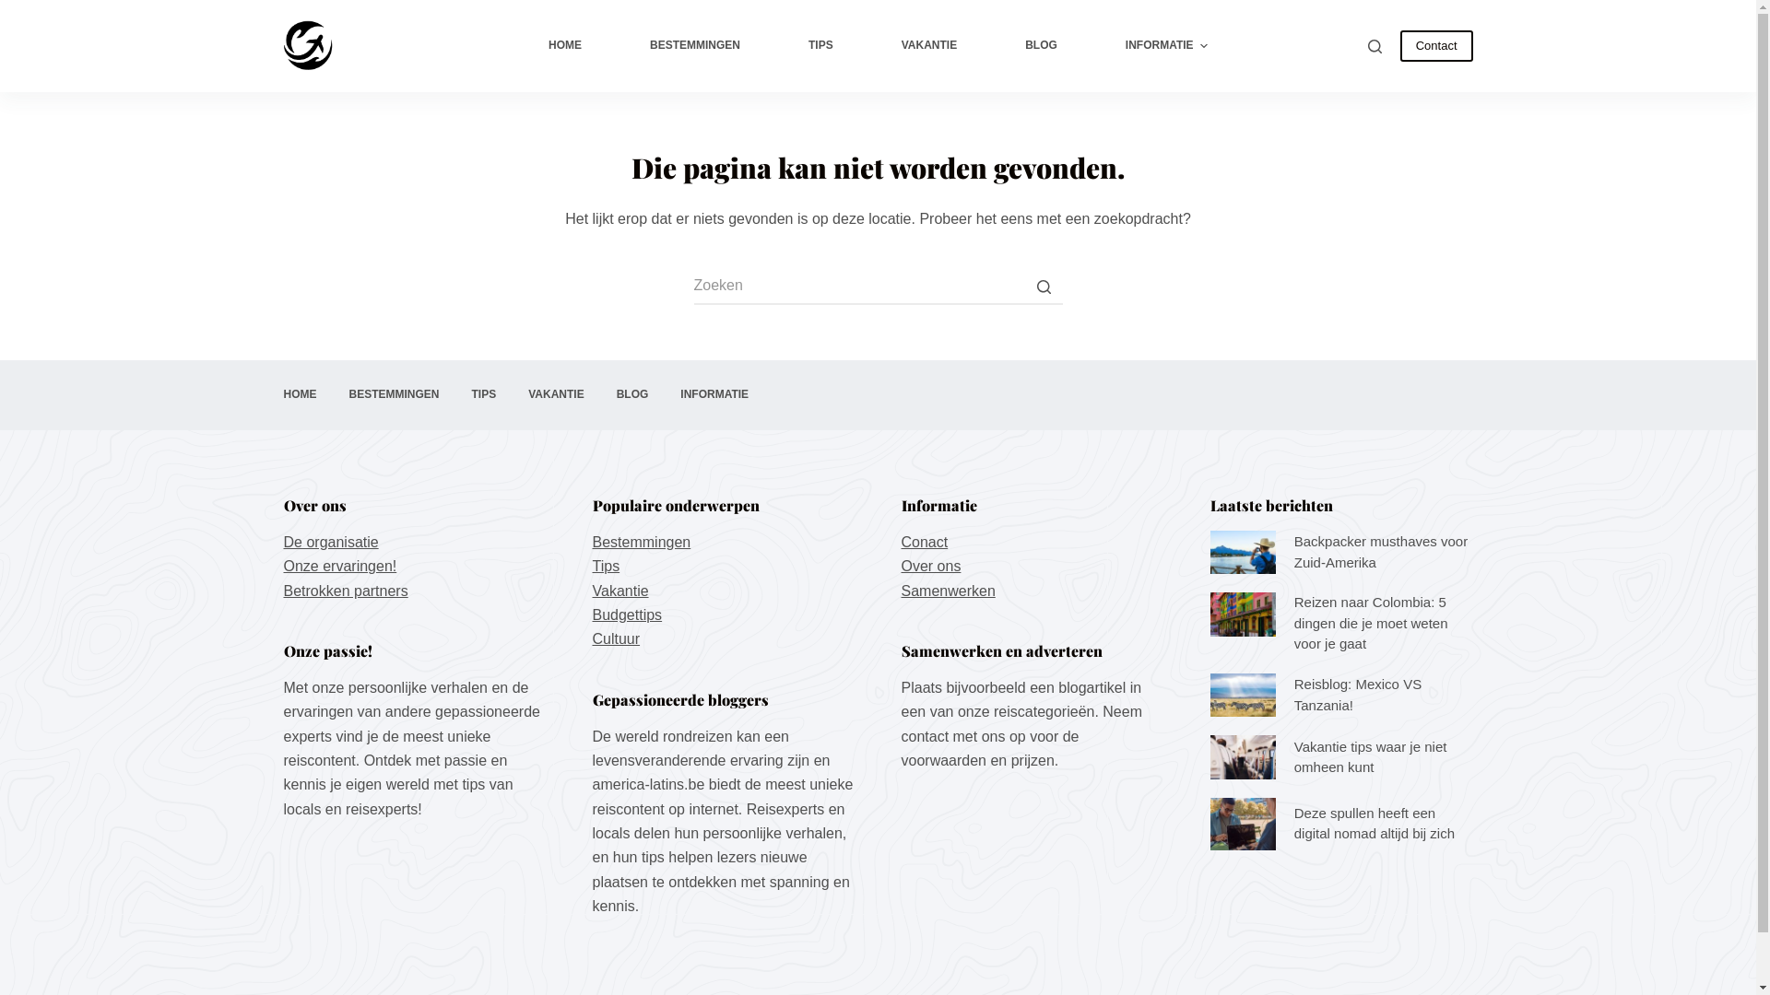 The height and width of the screenshot is (995, 1770). Describe the element at coordinates (1340, 756) in the screenshot. I see `'Vakantie tips waar je niet omheen kunt'` at that location.